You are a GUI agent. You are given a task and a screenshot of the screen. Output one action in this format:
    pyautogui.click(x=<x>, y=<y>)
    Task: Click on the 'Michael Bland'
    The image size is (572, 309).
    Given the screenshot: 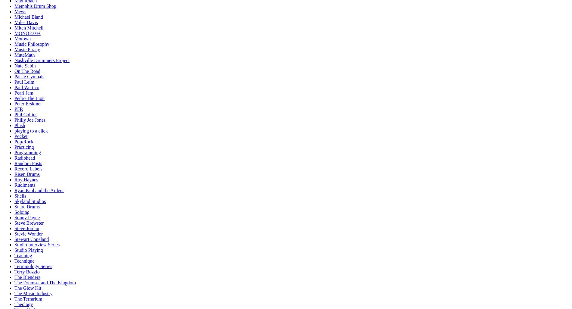 What is the action you would take?
    pyautogui.click(x=29, y=17)
    